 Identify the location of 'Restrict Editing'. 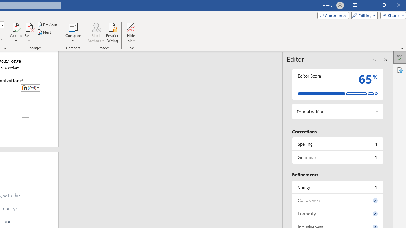
(112, 33).